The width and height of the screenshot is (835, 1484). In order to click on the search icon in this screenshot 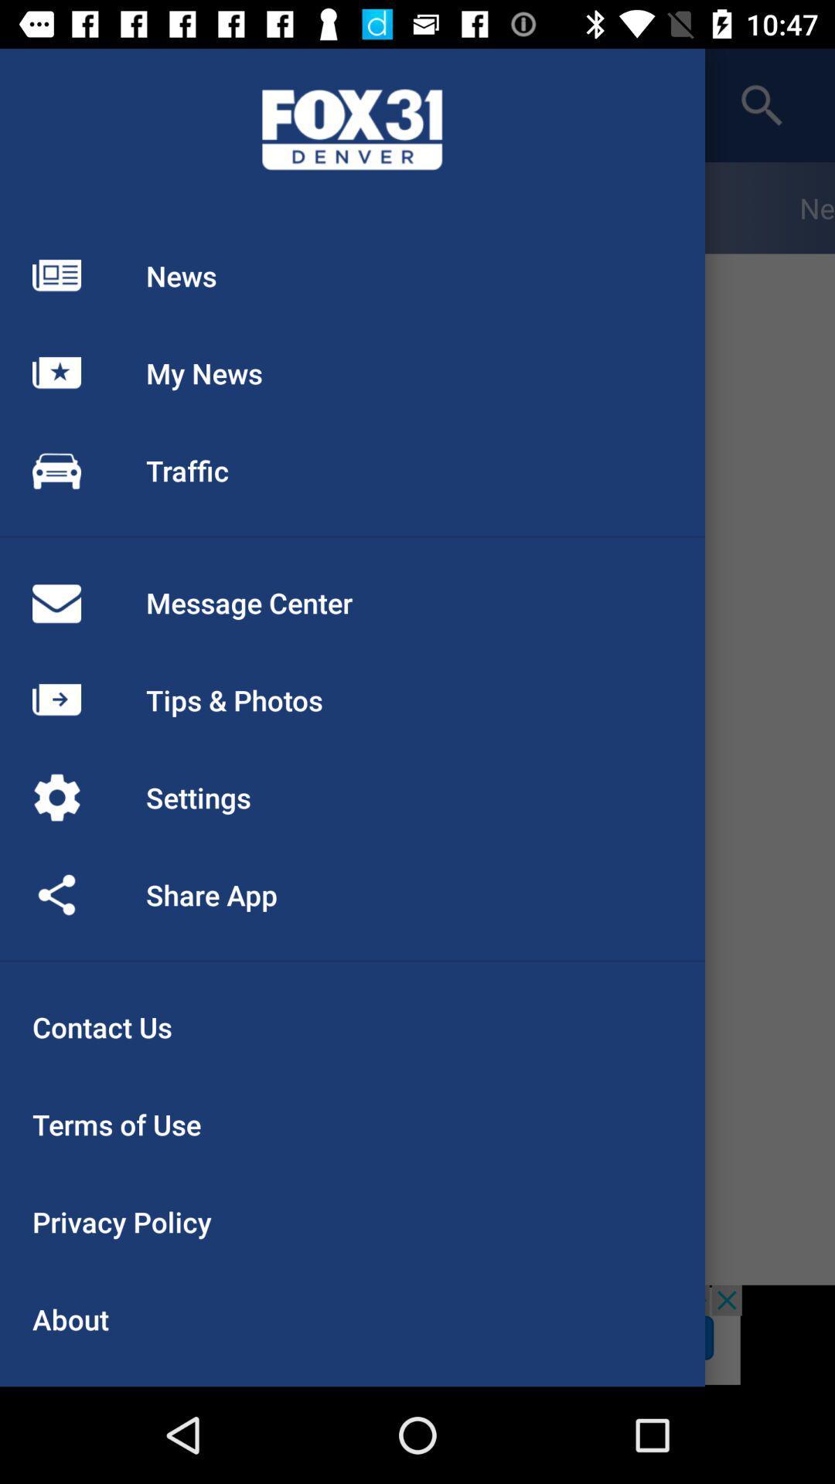, I will do `click(761, 104)`.